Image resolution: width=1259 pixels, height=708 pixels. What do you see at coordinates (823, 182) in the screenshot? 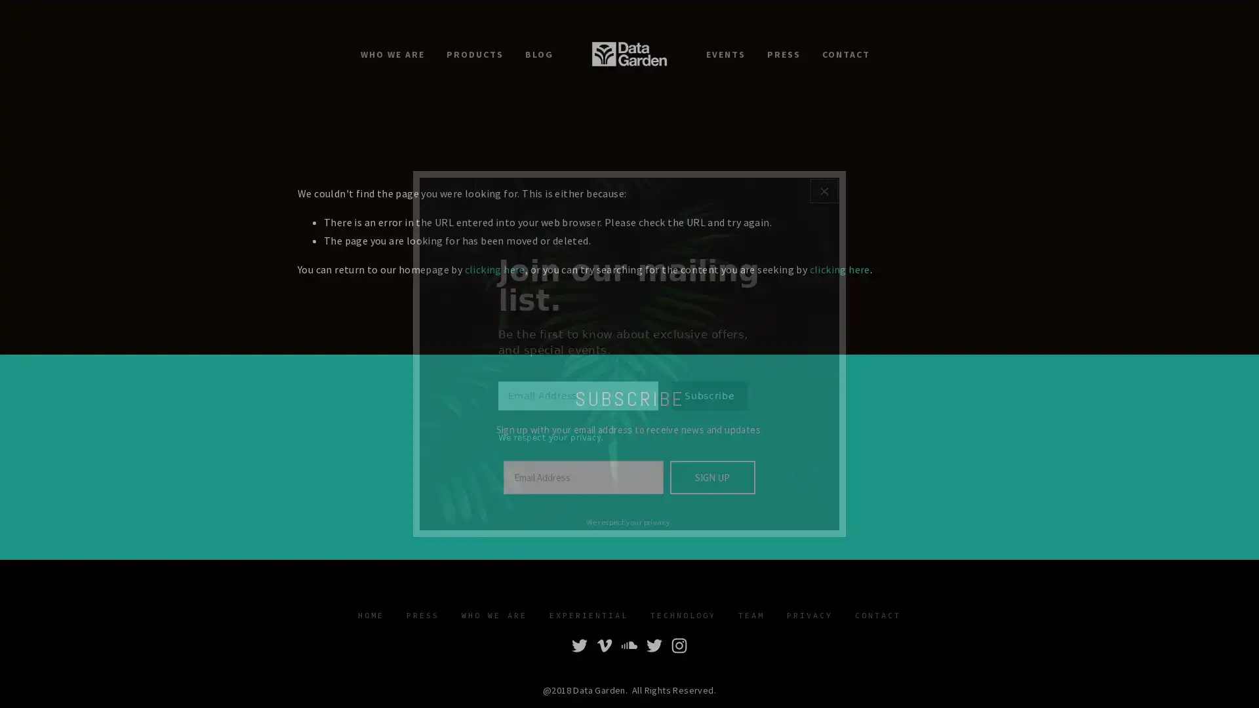
I see `Close` at bounding box center [823, 182].